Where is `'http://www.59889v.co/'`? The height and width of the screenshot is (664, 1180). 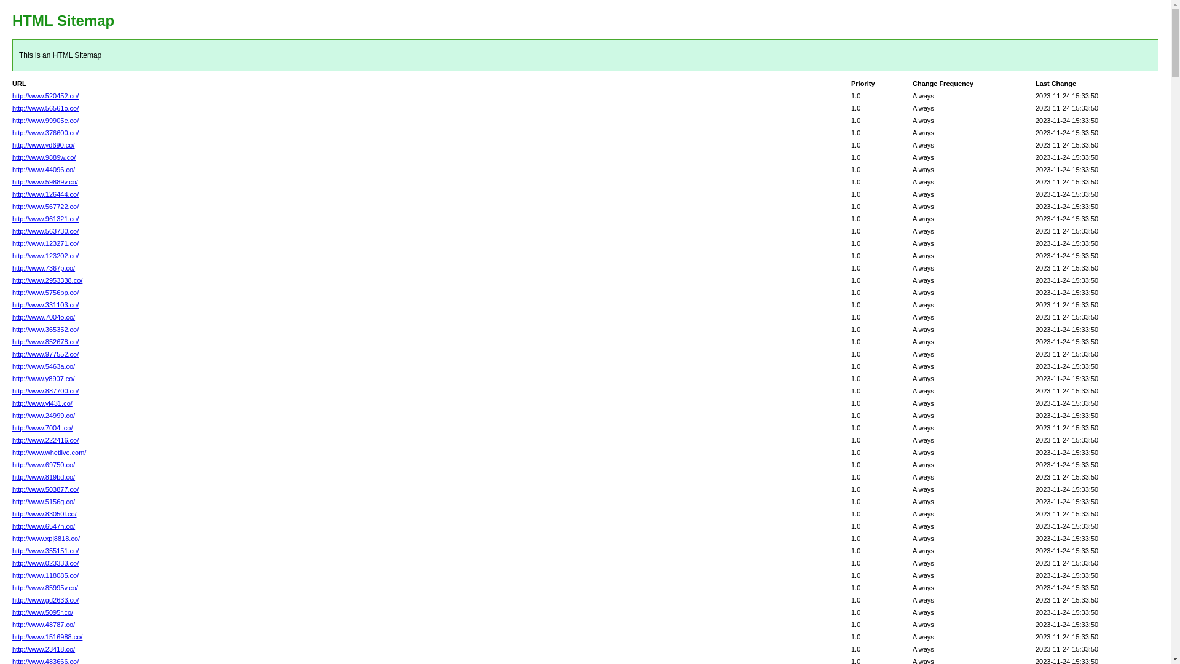 'http://www.59889v.co/' is located at coordinates (45, 182).